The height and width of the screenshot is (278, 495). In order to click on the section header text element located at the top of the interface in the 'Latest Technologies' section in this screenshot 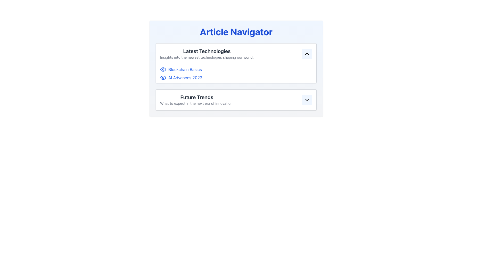, I will do `click(207, 51)`.